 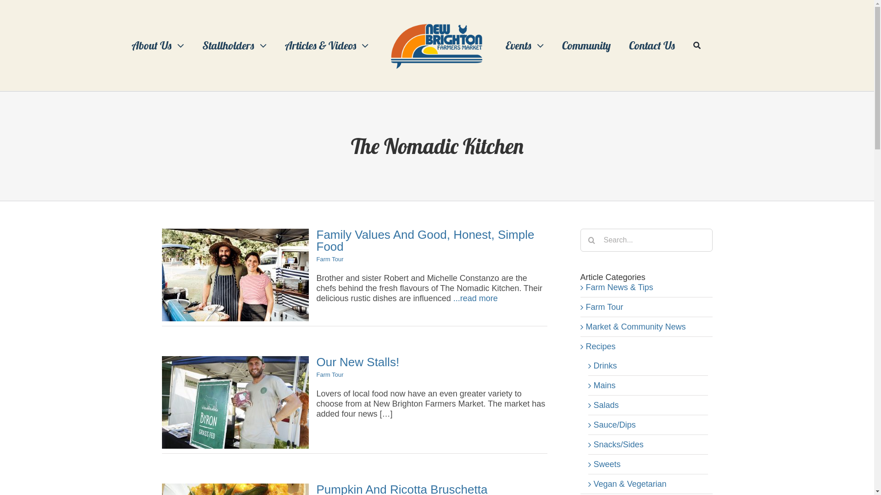 What do you see at coordinates (326, 45) in the screenshot?
I see `'Articles & Videos'` at bounding box center [326, 45].